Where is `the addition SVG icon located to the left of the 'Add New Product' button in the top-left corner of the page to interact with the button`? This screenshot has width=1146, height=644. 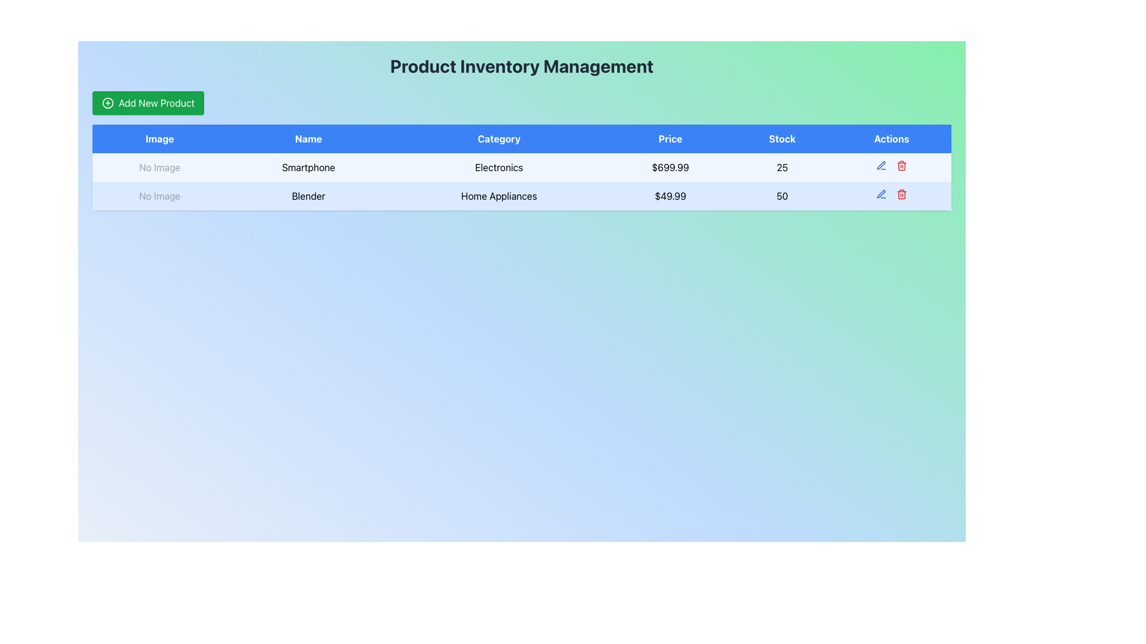 the addition SVG icon located to the left of the 'Add New Product' button in the top-left corner of the page to interact with the button is located at coordinates (108, 103).